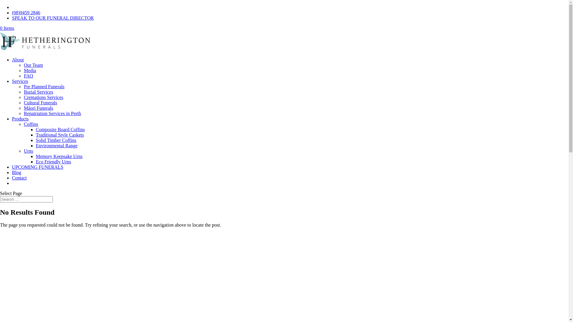  What do you see at coordinates (30, 70) in the screenshot?
I see `'Media'` at bounding box center [30, 70].